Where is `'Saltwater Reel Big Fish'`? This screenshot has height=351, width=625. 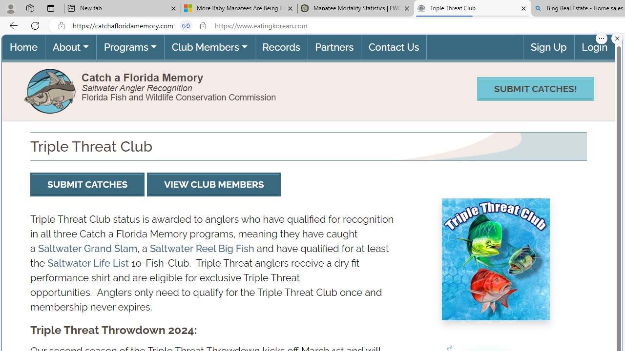
'Saltwater Reel Big Fish' is located at coordinates (201, 248).